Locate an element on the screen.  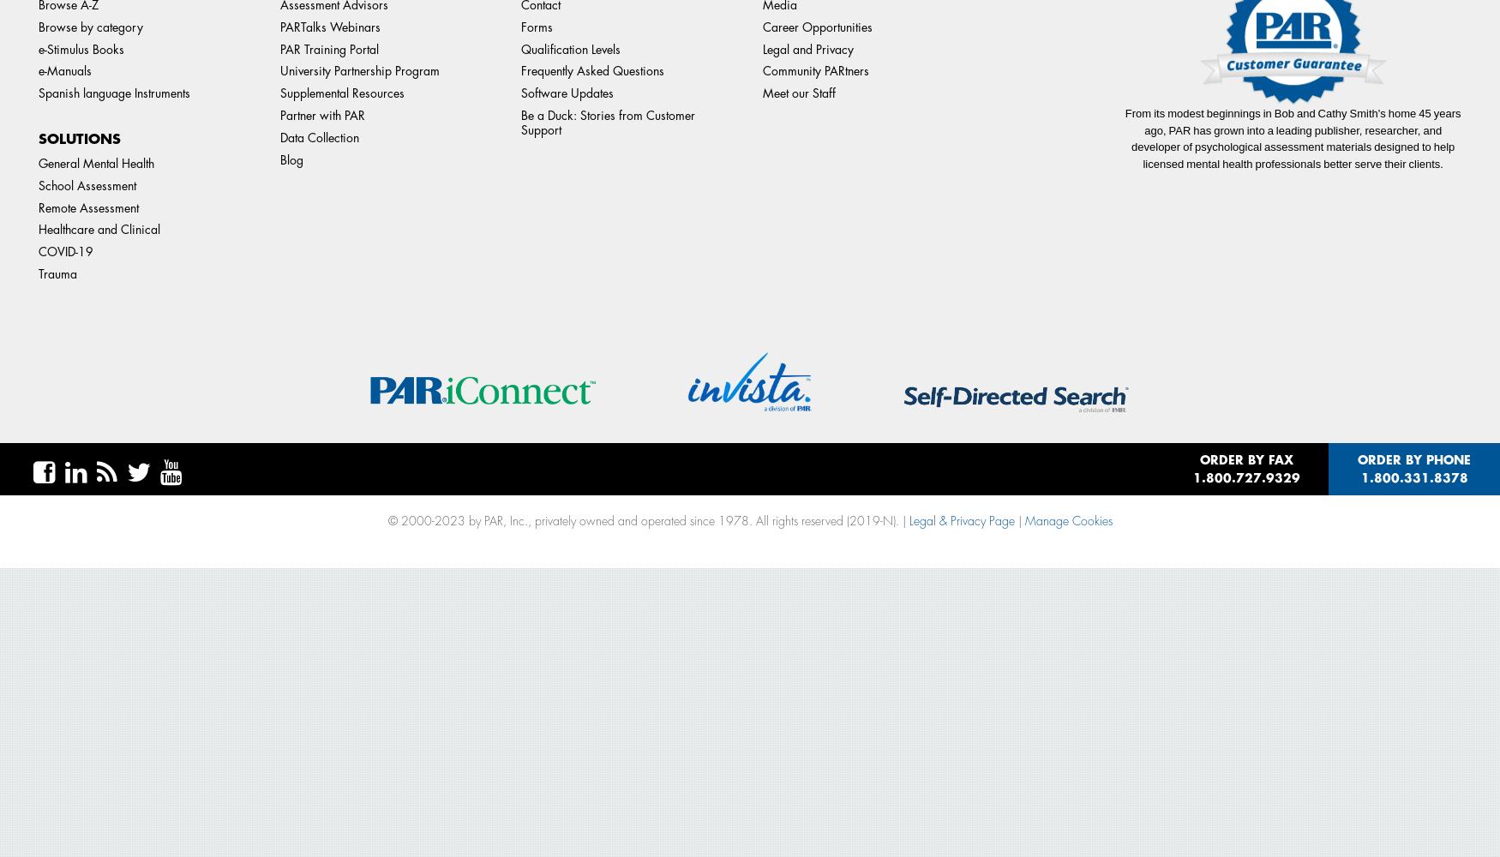
'Supplemental Resources' is located at coordinates (340, 93).